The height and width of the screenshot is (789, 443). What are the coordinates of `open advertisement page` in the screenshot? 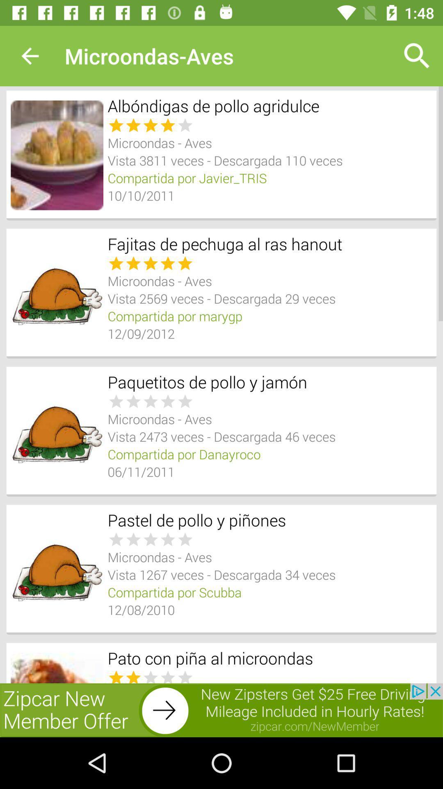 It's located at (221, 710).